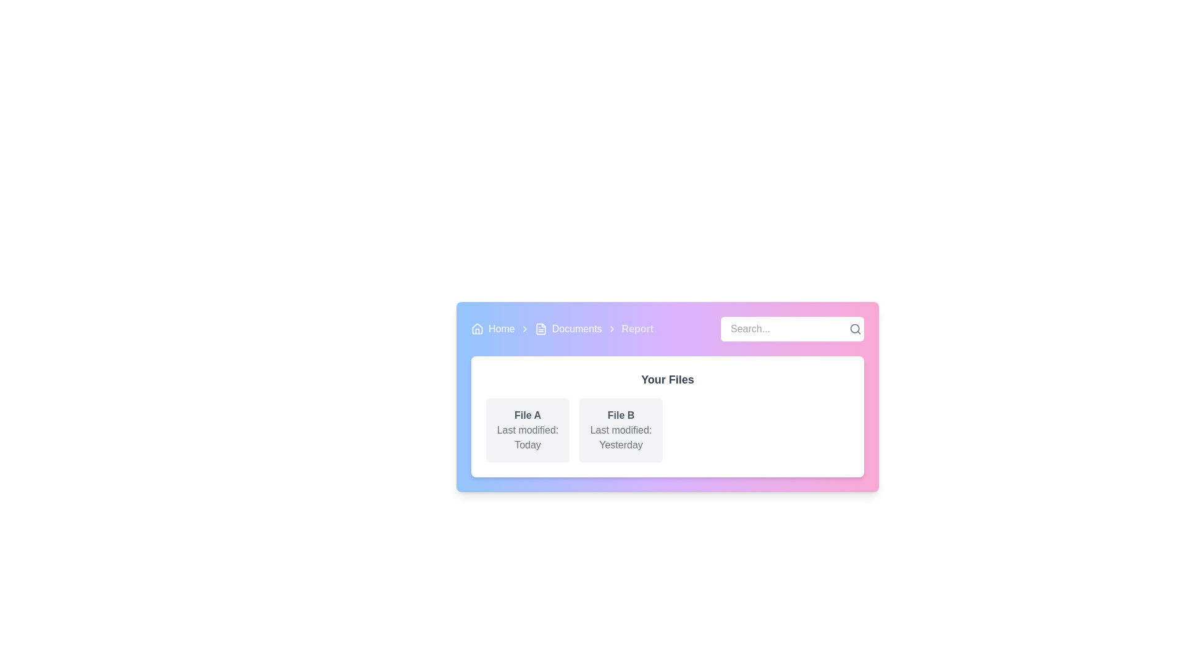 The width and height of the screenshot is (1186, 667). I want to click on the house icon styled button in the breadcrumb navigation bar located at the top-left of the interface, so click(476, 328).